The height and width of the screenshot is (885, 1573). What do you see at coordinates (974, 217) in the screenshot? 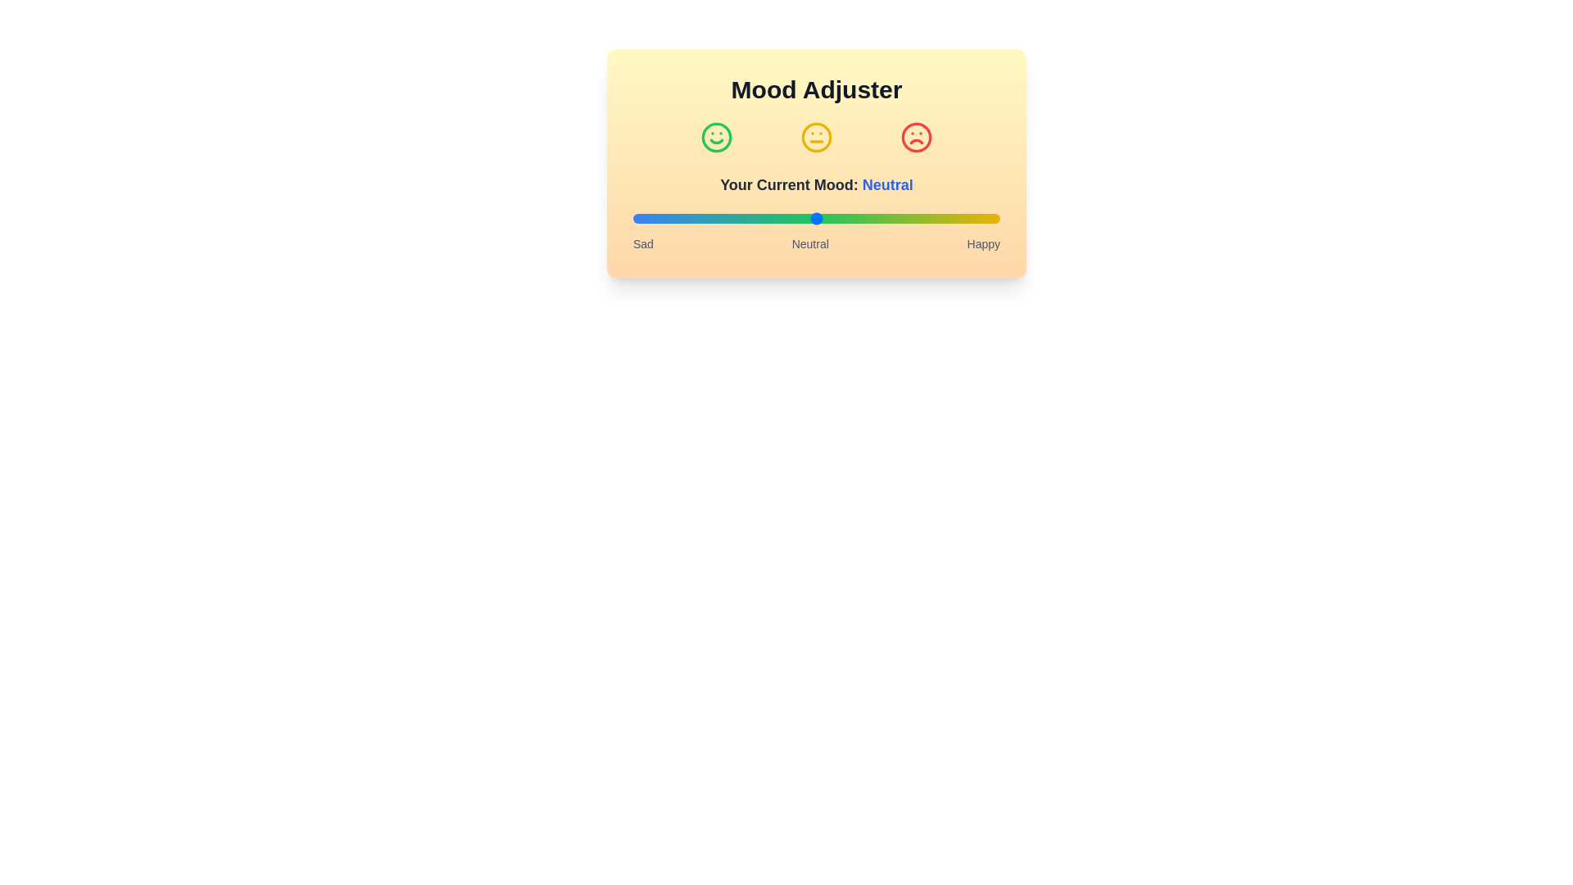
I see `the slider to a specific value 93 to observe the mood label change` at bounding box center [974, 217].